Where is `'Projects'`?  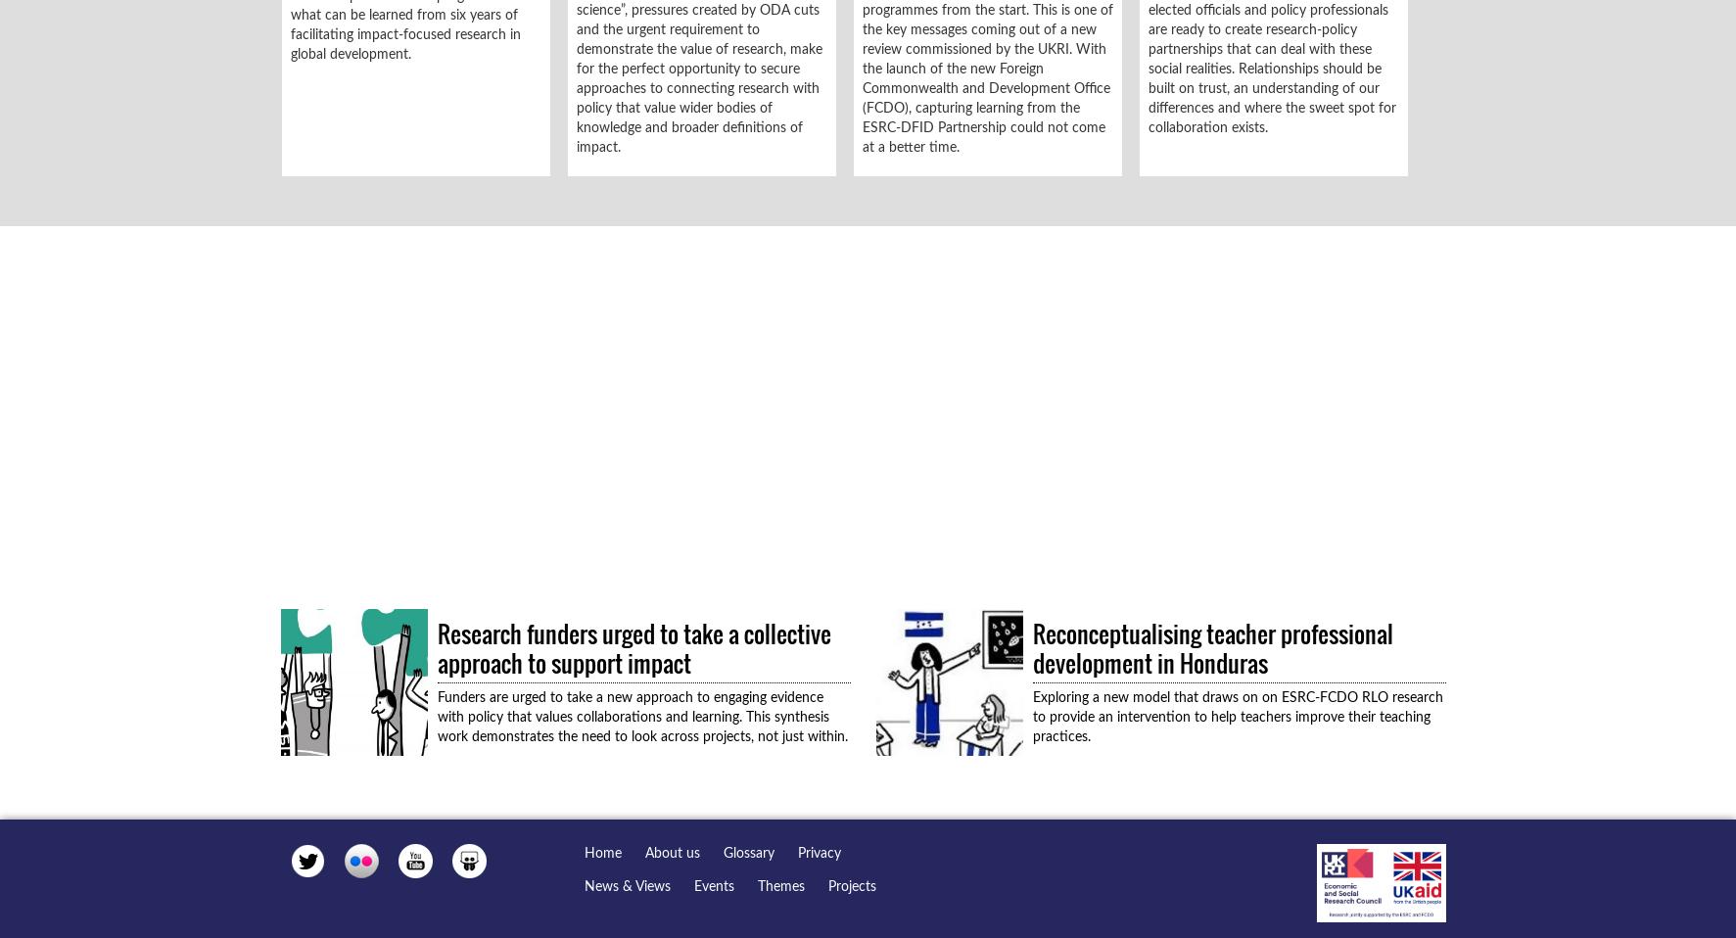 'Projects' is located at coordinates (850, 886).